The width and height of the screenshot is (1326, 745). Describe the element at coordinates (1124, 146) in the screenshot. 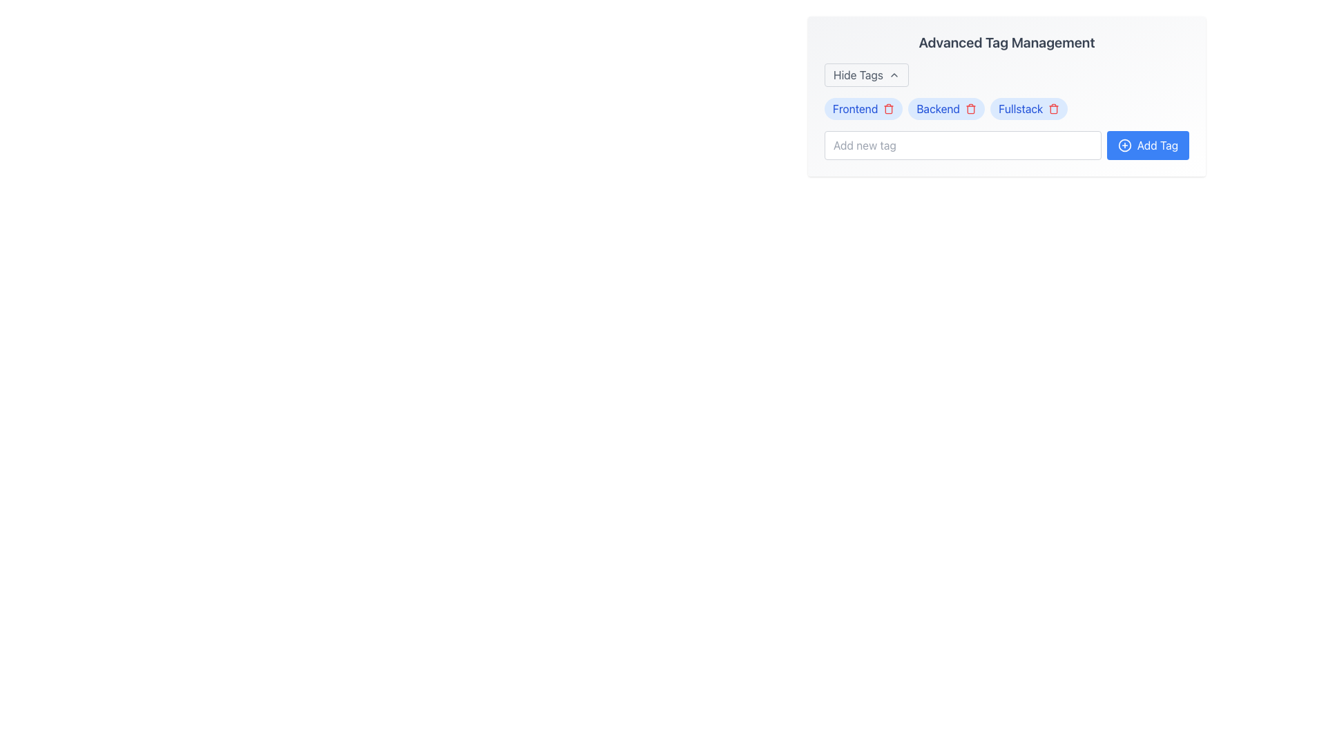

I see `the 'Add Tag' icon which represents the addition functionality, located to the left of the button's text content` at that location.